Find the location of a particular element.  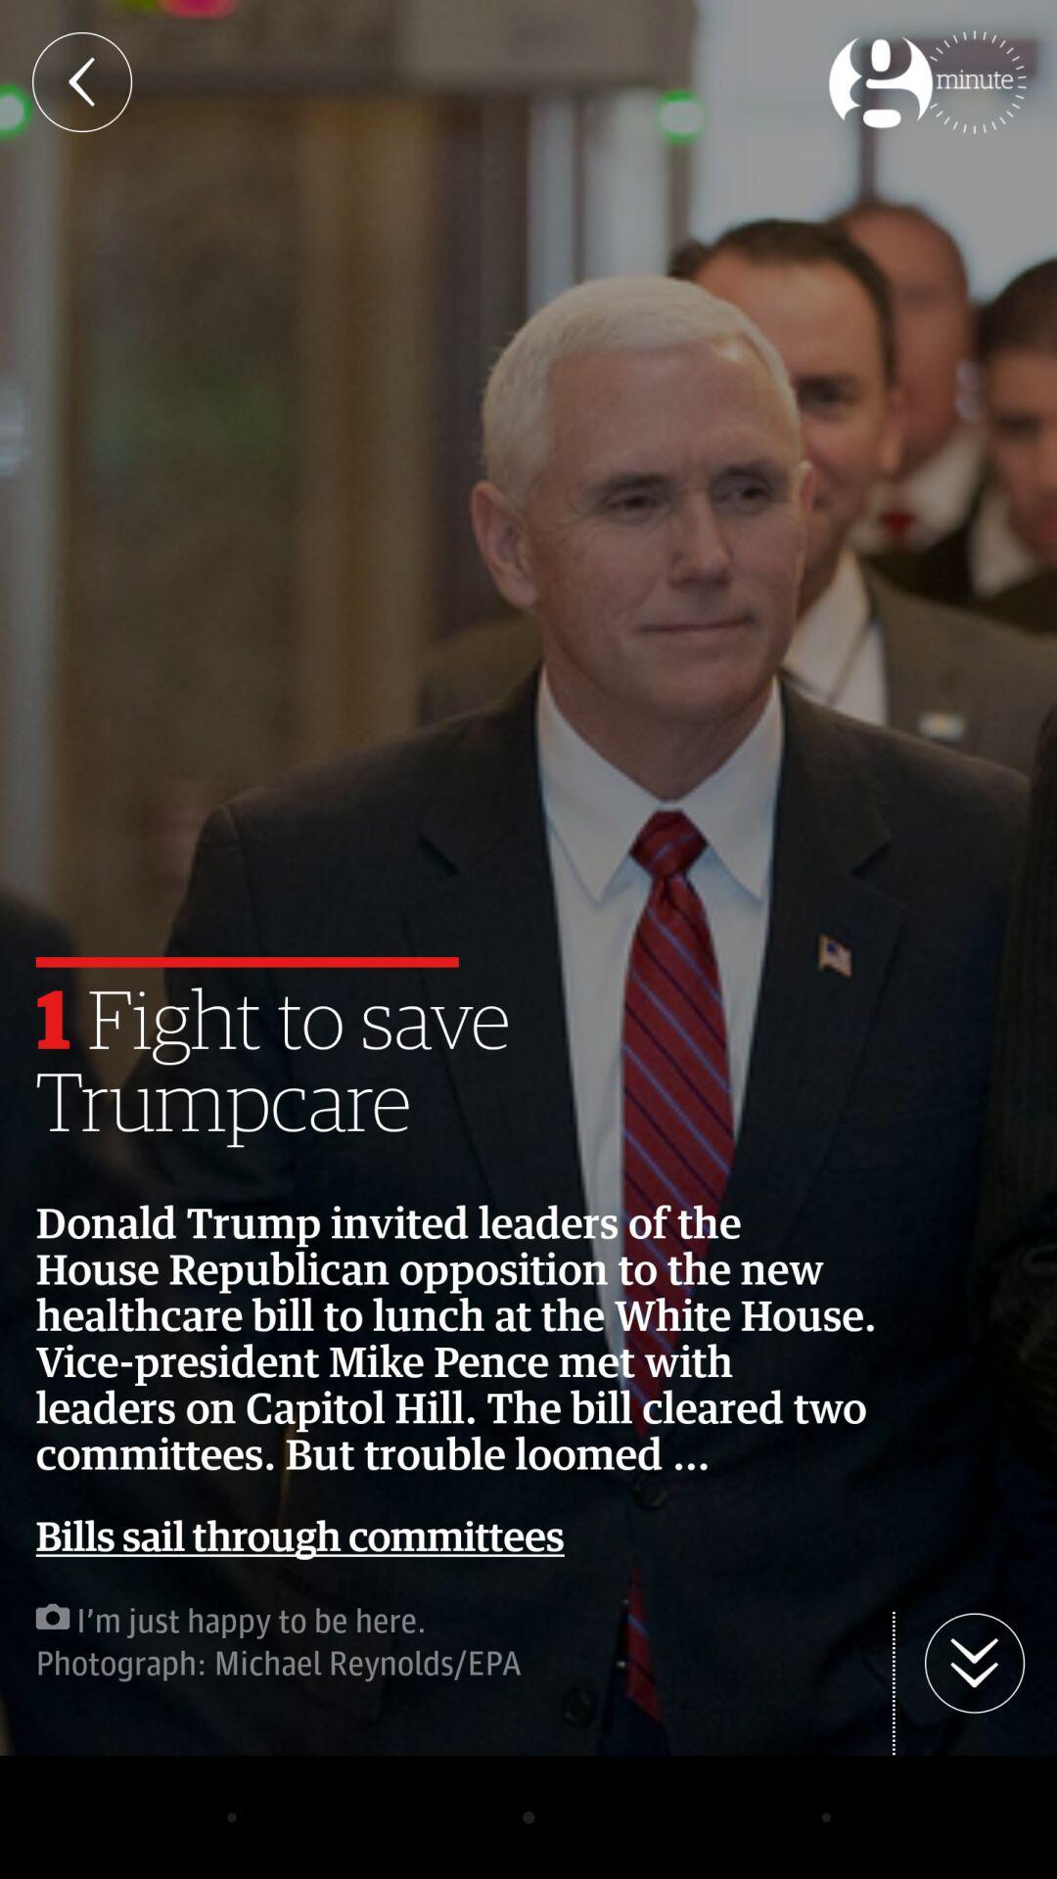

the arrow_downward icon is located at coordinates (974, 1662).